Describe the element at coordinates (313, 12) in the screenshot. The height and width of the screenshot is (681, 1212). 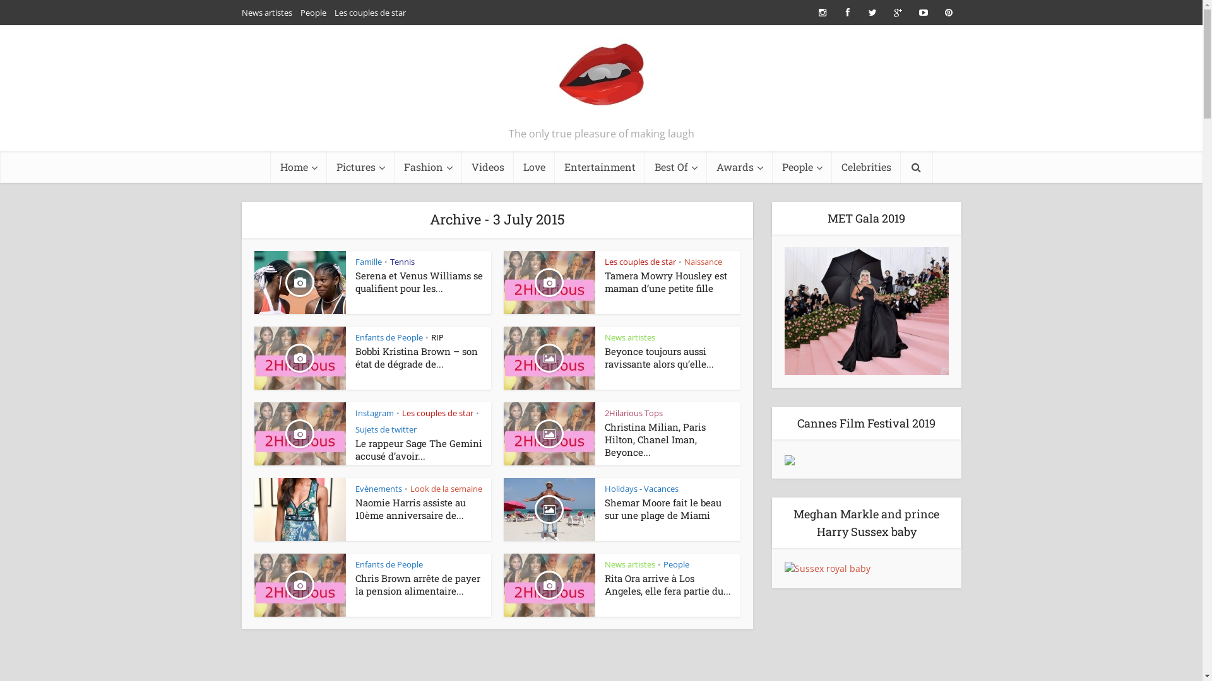
I see `'People'` at that location.